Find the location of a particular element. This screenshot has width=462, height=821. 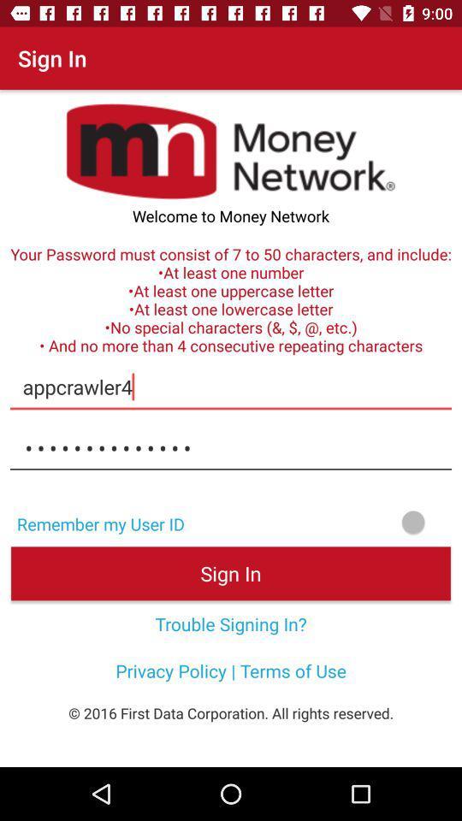

icon above the remember my user item is located at coordinates (231, 447).